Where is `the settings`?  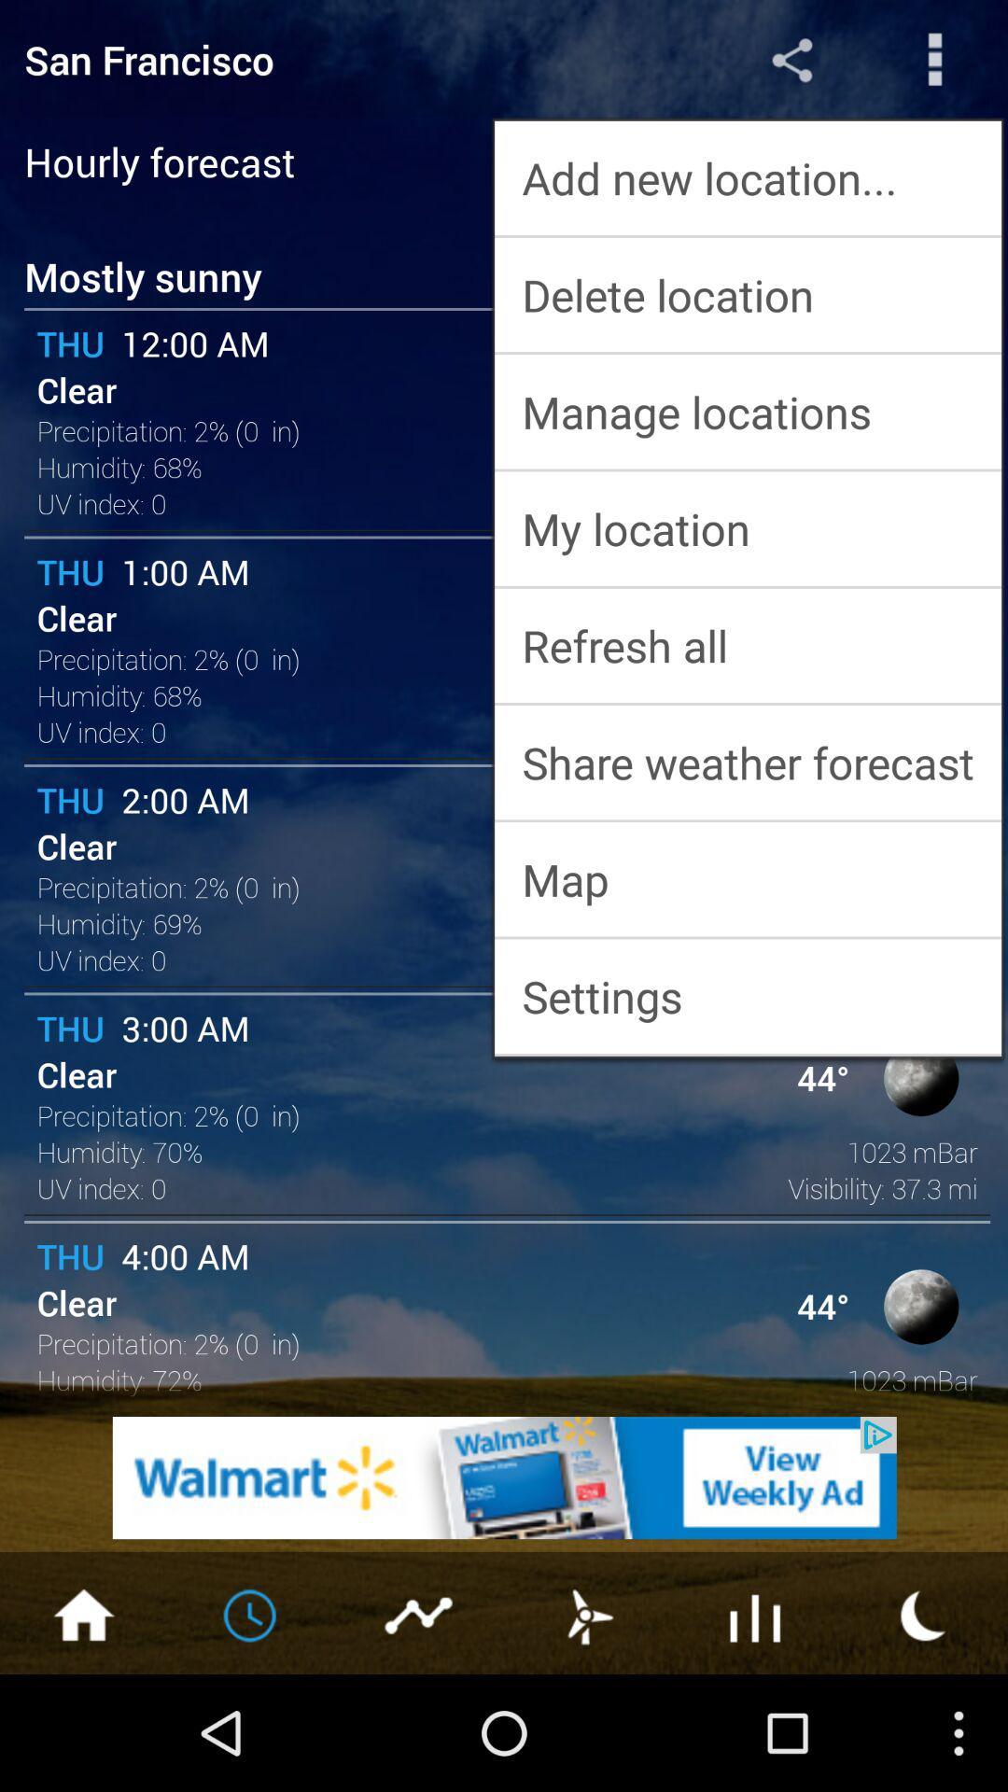 the settings is located at coordinates (747, 995).